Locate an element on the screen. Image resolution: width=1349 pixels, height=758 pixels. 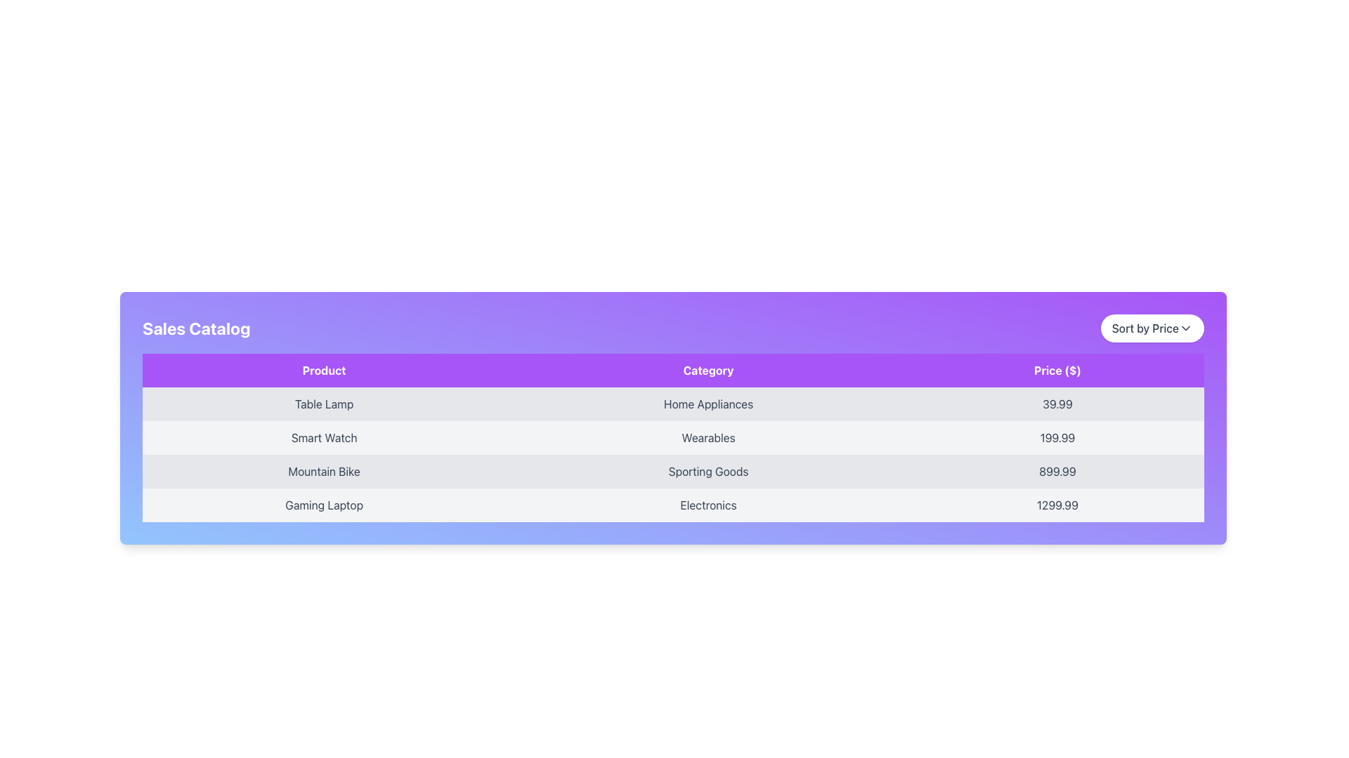
the static text label that categorizes the 'Gaming Laptop' within the 'Electronics' category, located in the fourth row, second column of the table is located at coordinates (708, 505).